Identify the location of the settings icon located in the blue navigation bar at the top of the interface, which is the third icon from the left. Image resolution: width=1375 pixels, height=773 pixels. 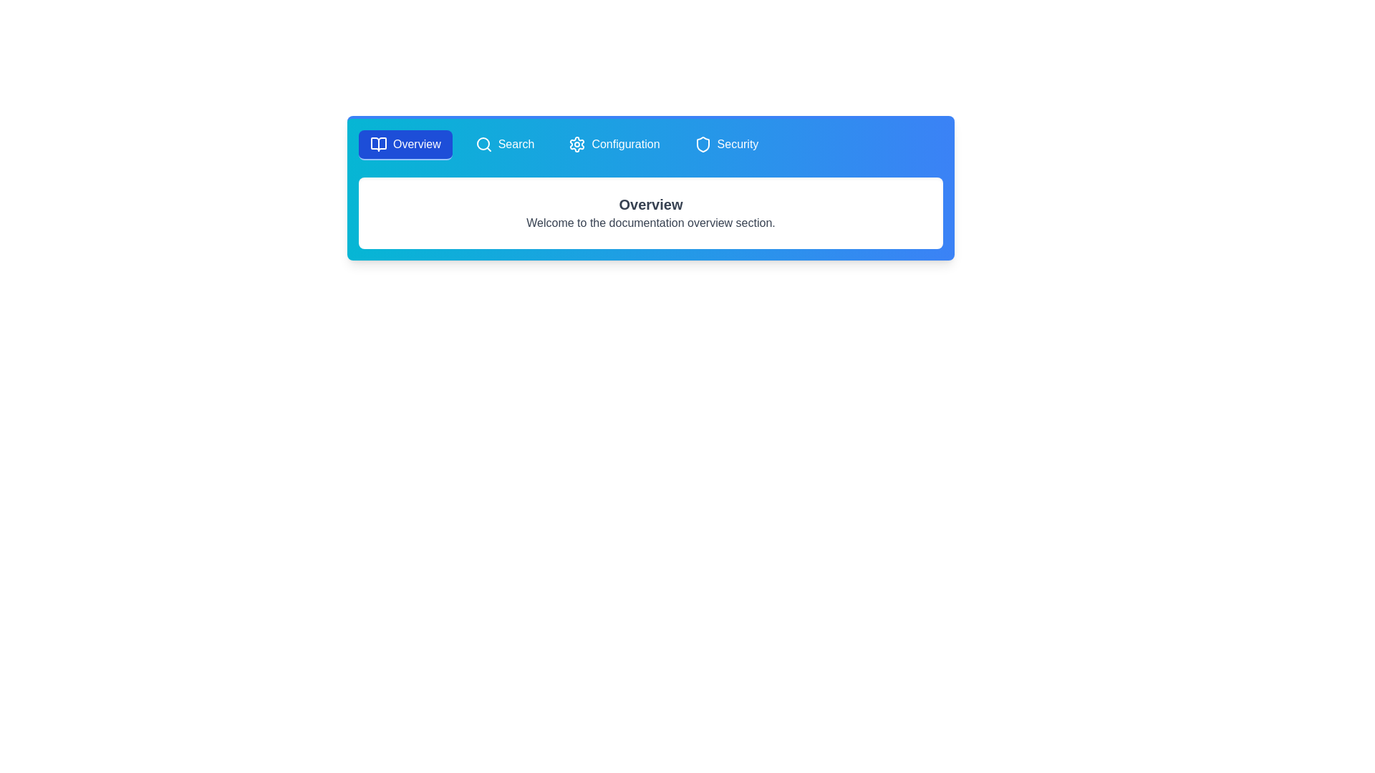
(577, 144).